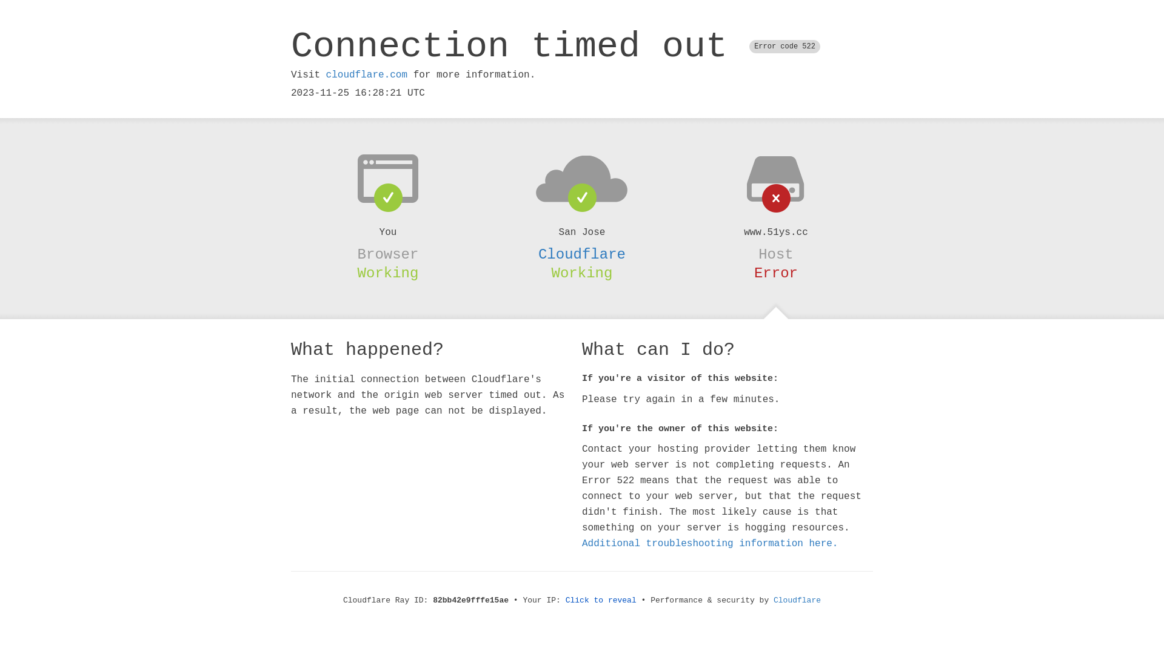 The image size is (1164, 654). I want to click on 'cloudflare.com', so click(366, 74).